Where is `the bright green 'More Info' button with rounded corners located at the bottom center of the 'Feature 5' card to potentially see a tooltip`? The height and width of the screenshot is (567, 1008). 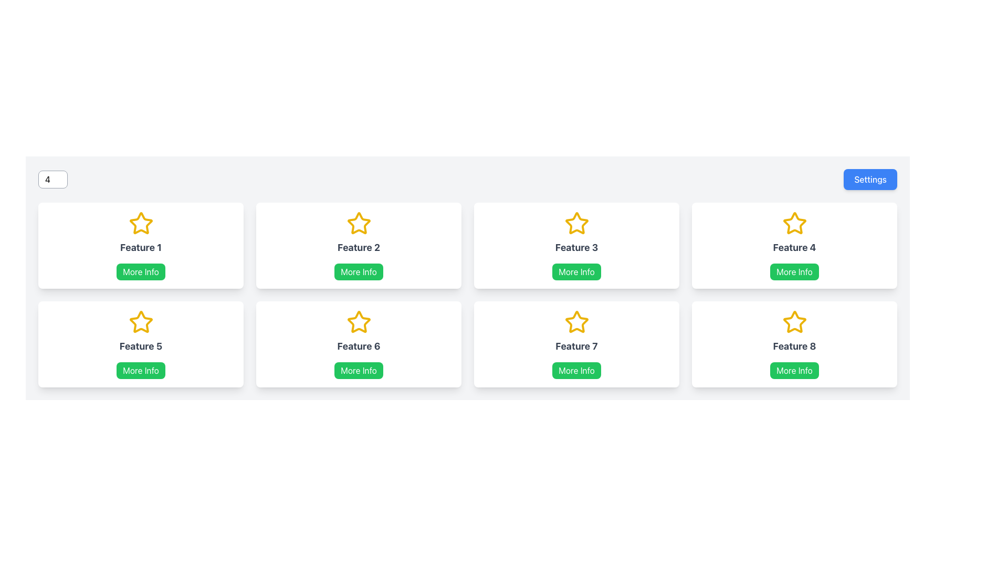 the bright green 'More Info' button with rounded corners located at the bottom center of the 'Feature 5' card to potentially see a tooltip is located at coordinates (140, 370).